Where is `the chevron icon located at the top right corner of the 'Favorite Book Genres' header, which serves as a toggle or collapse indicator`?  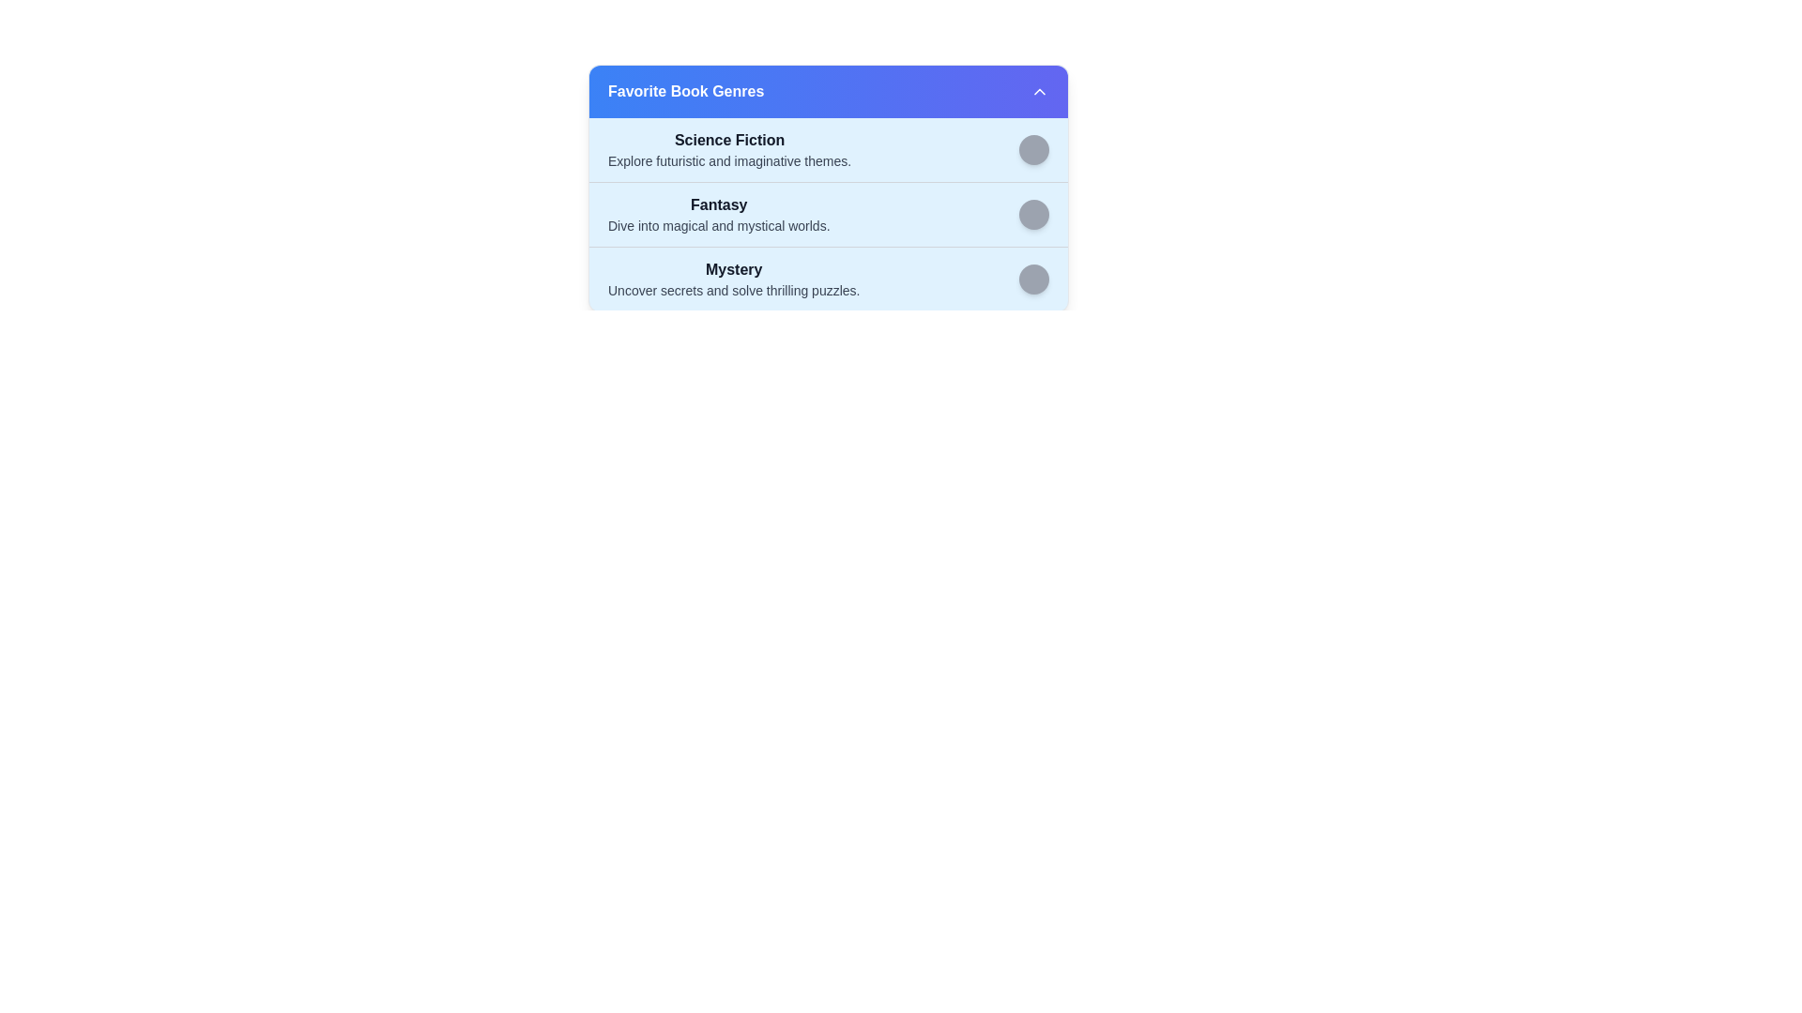 the chevron icon located at the top right corner of the 'Favorite Book Genres' header, which serves as a toggle or collapse indicator is located at coordinates (1039, 91).